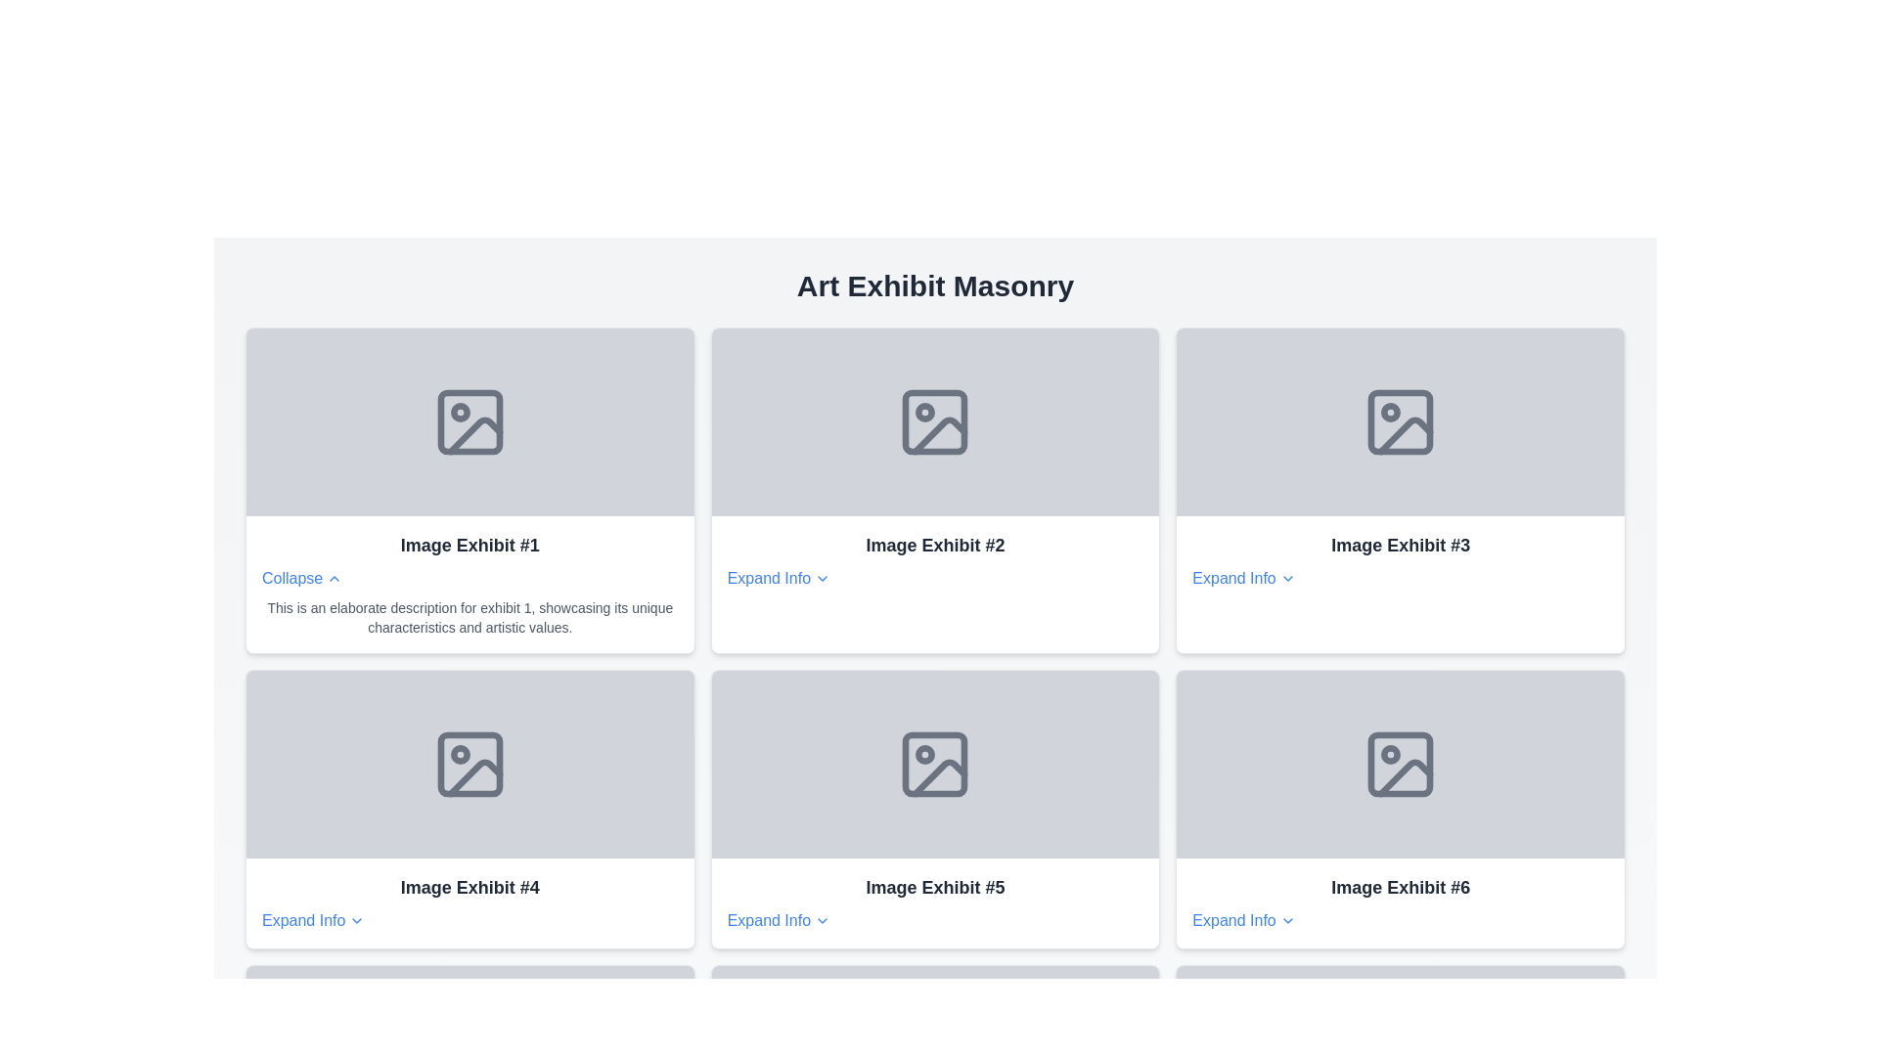  I want to click on the graphical component of the icon representing Image Exhibit #3, located in the top row, third column of the masonry-style exhibit section, so click(1400, 421).